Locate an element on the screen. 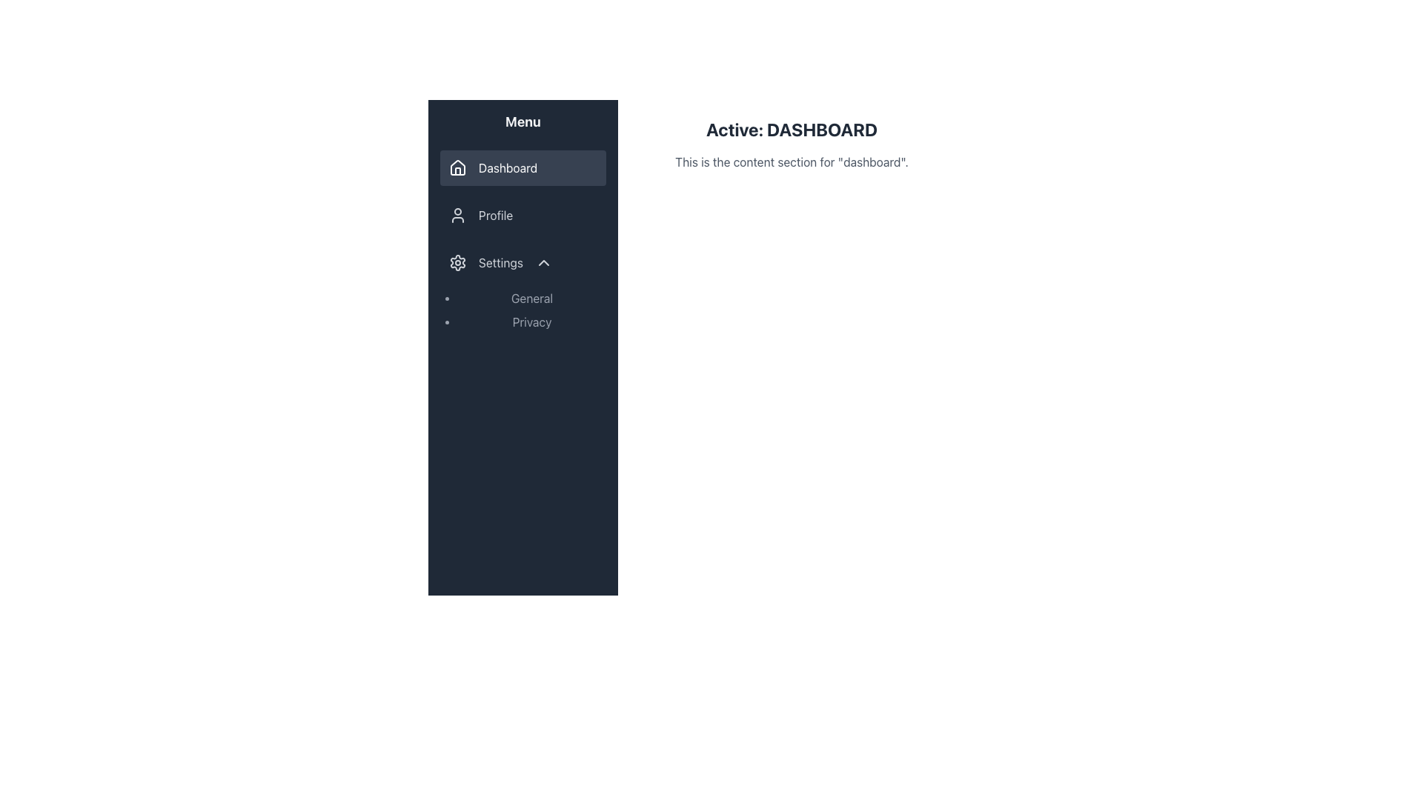  the 'General' option in the Sidebar menu subsection under 'Settings' is located at coordinates (532, 310).